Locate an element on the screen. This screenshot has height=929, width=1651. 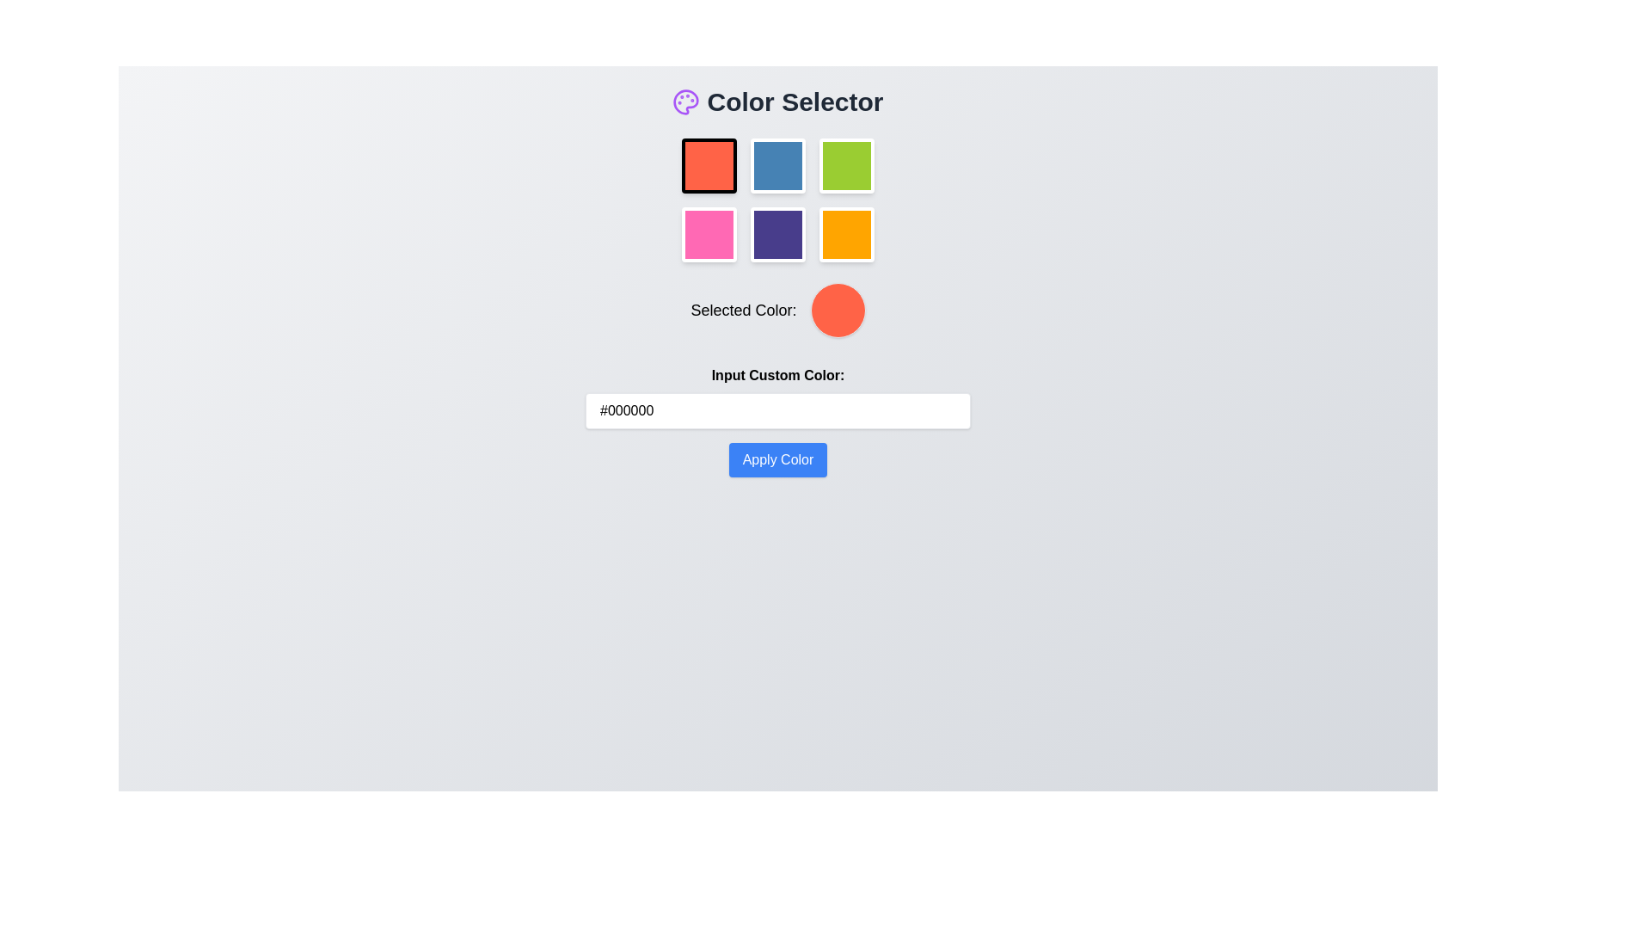
the fifth button in the color selection grid below the title 'Color Selector' is located at coordinates (777, 235).